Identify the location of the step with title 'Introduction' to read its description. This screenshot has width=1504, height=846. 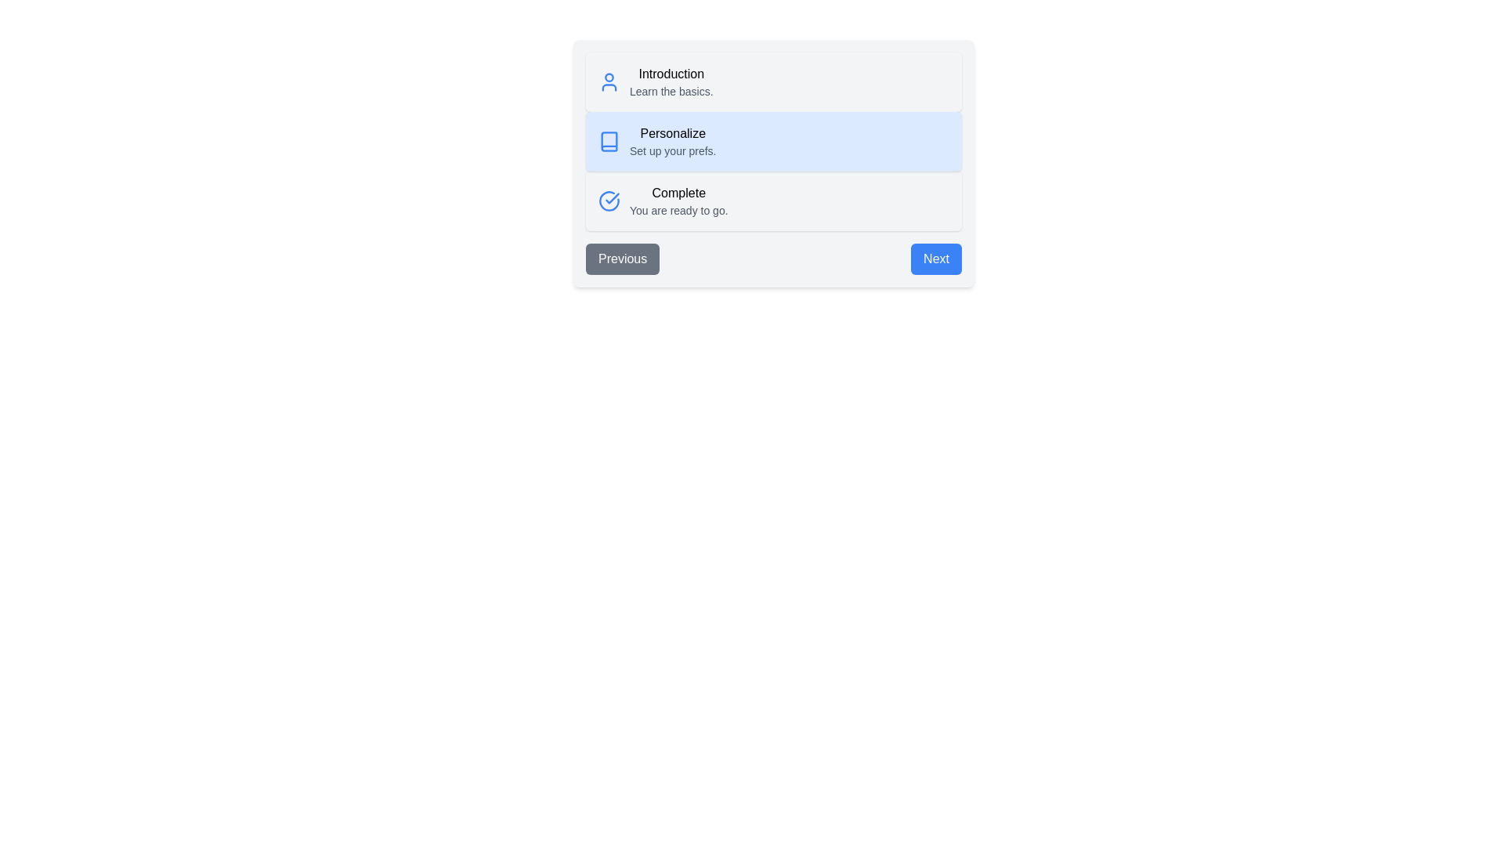
(671, 81).